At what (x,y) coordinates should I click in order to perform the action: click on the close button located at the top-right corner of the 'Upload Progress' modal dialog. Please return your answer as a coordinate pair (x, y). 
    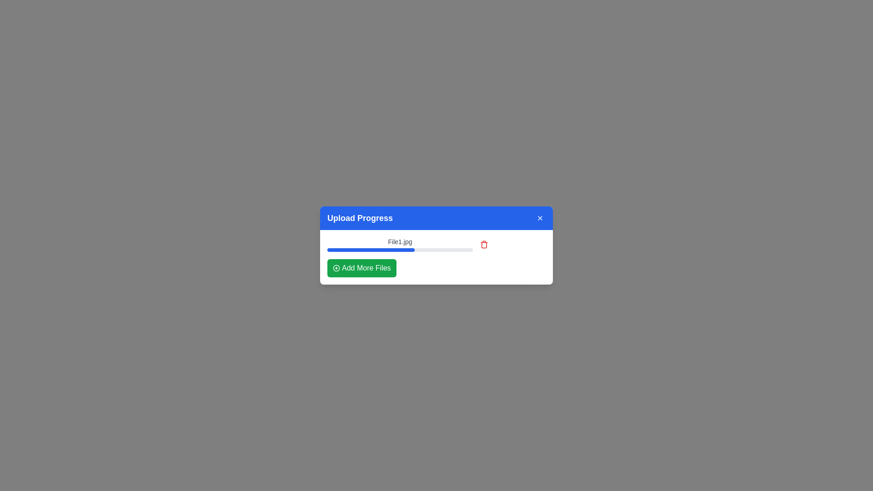
    Looking at the image, I should click on (540, 218).